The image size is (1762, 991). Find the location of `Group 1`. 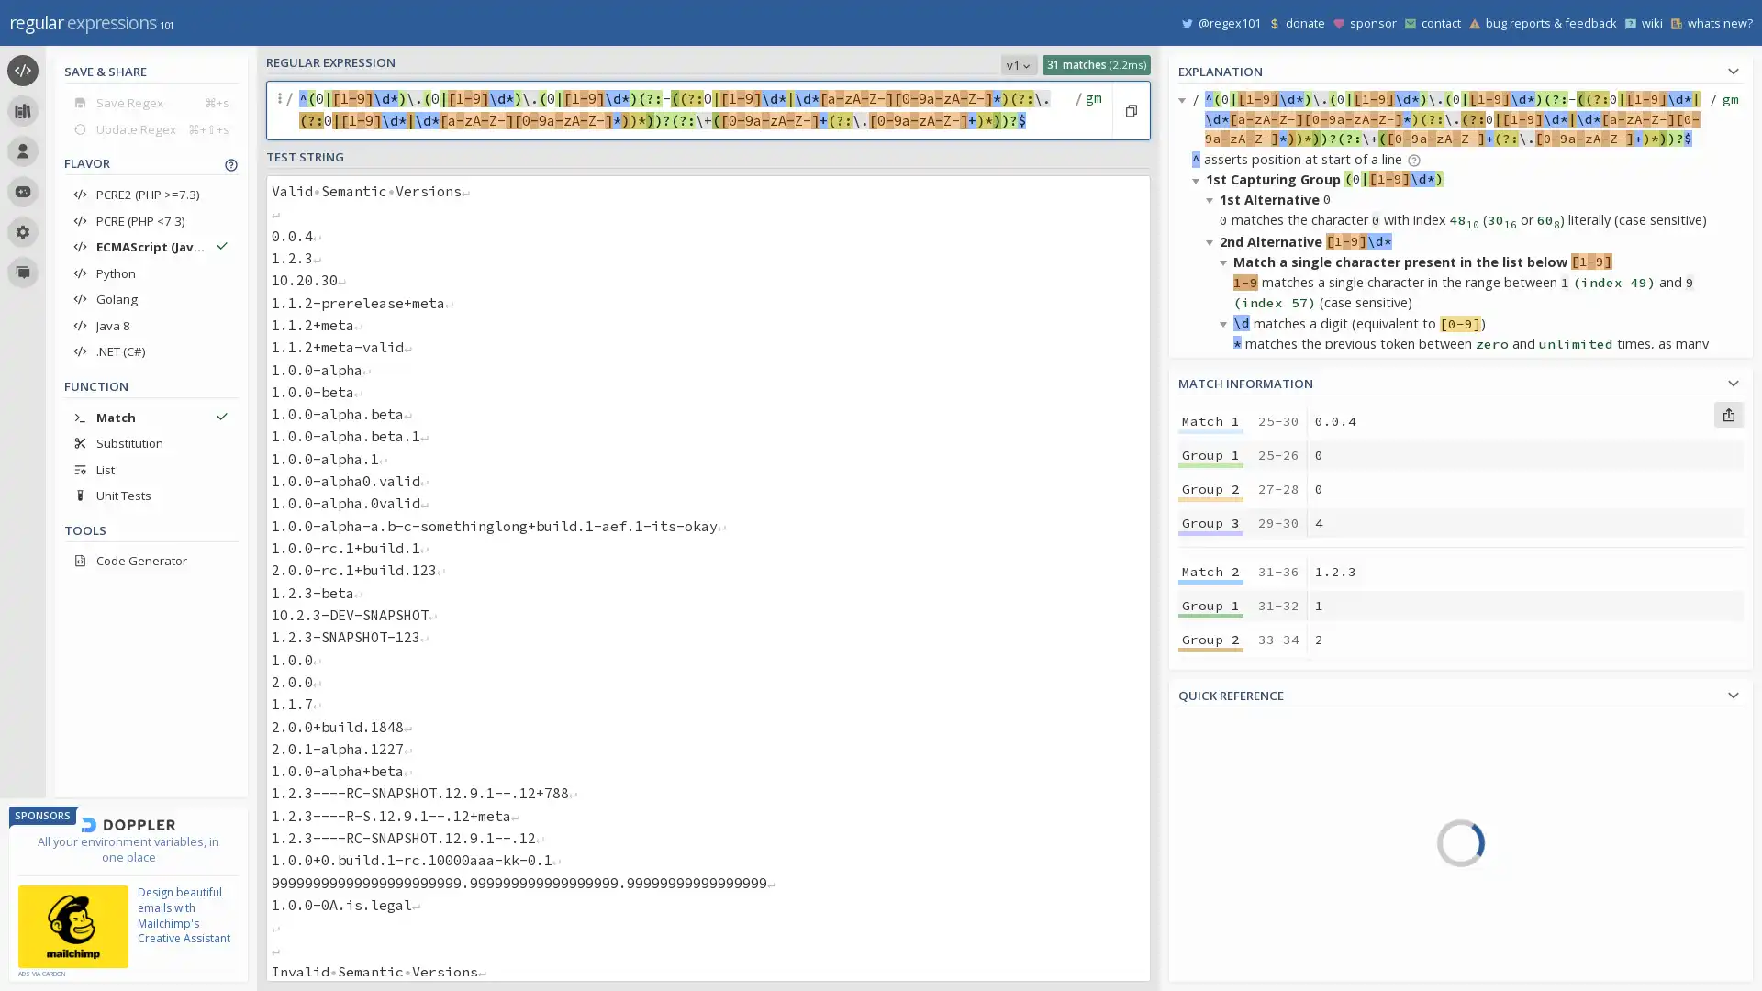

Group 1 is located at coordinates (1210, 756).